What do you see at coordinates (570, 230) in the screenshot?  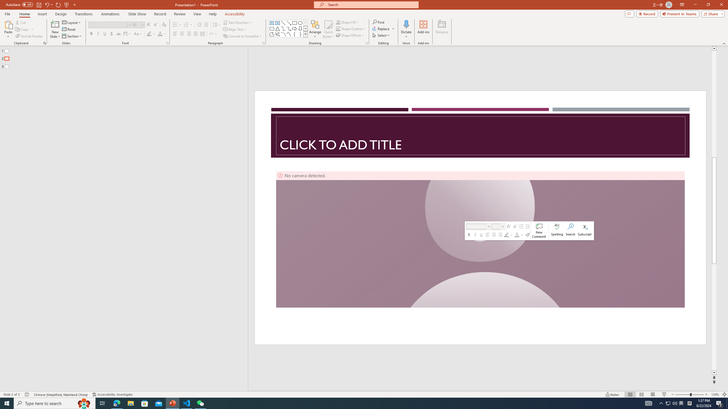 I see `'Search'` at bounding box center [570, 230].